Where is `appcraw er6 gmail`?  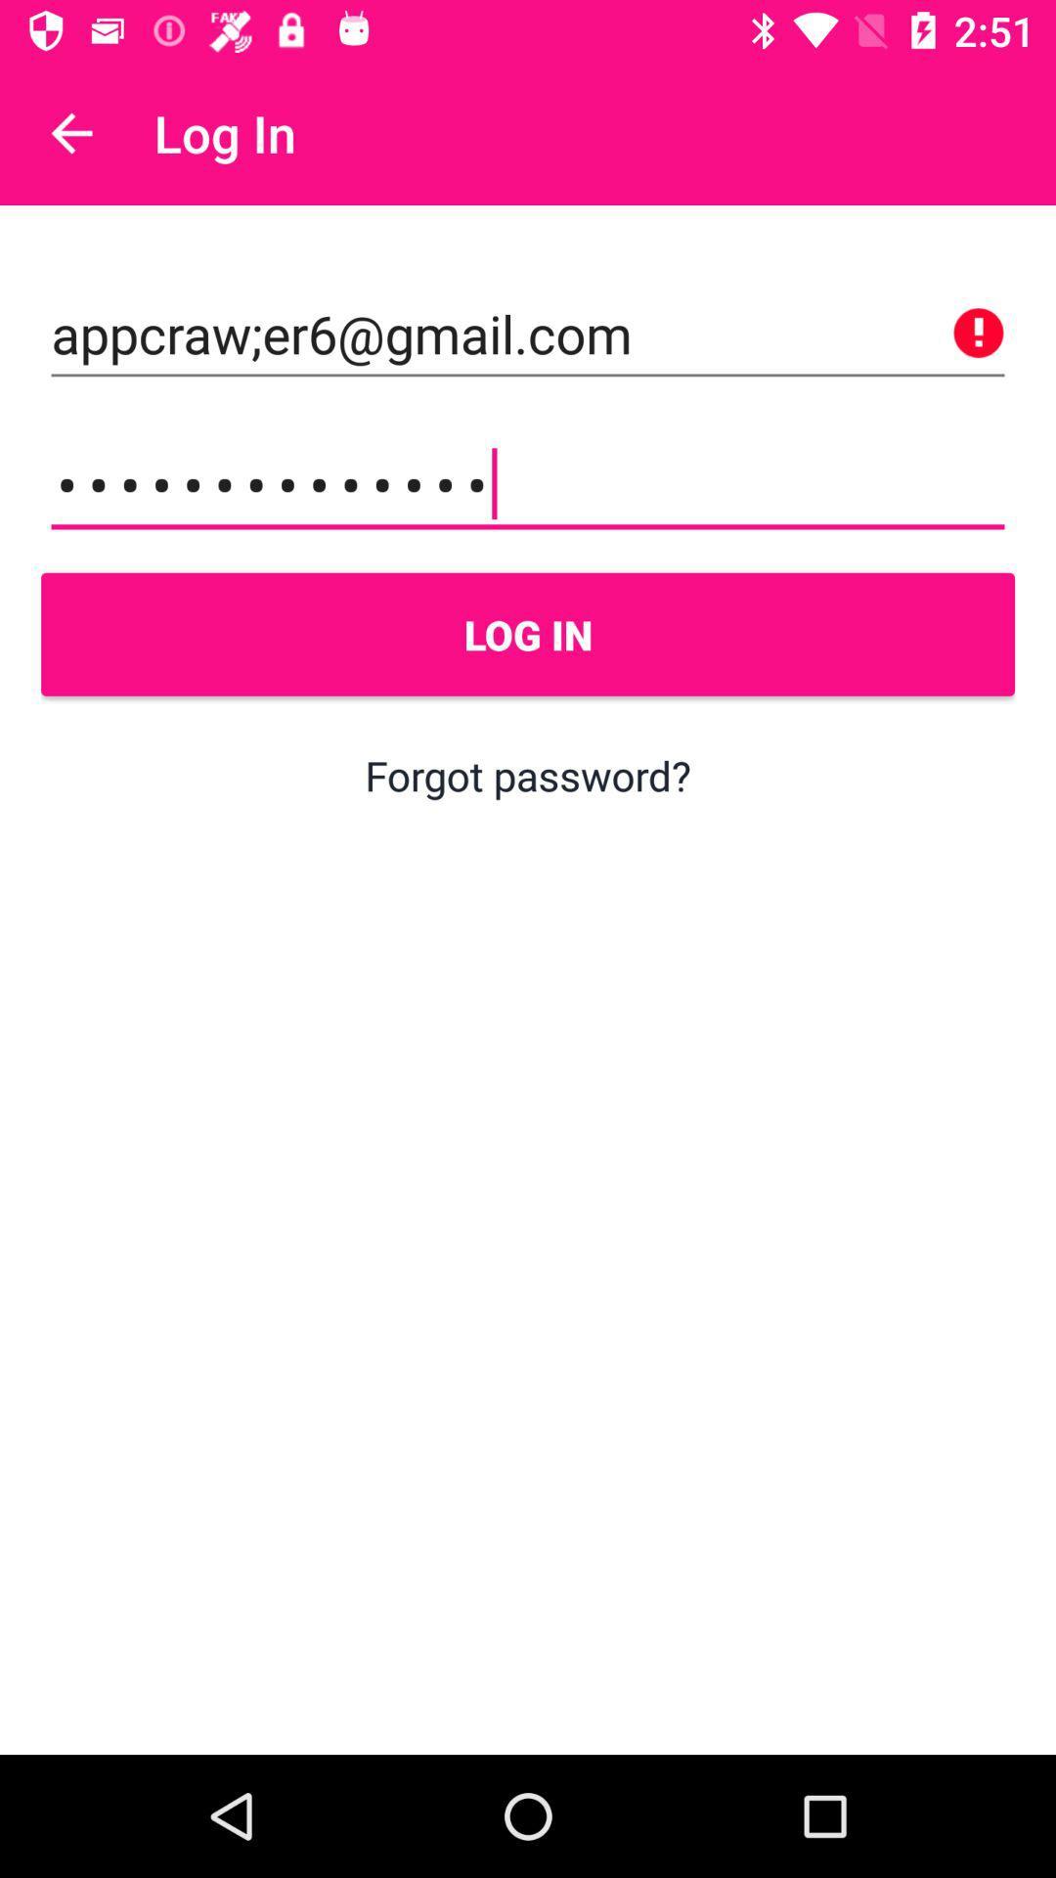
appcraw er6 gmail is located at coordinates (528, 334).